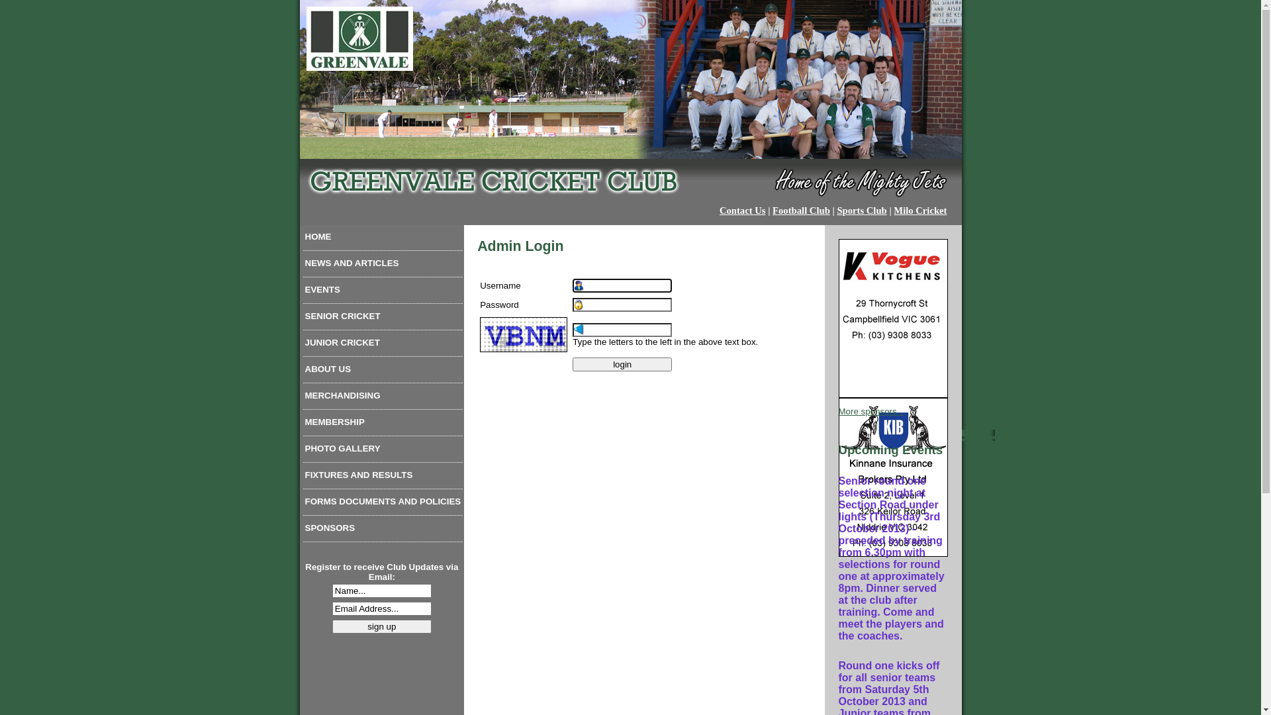 The image size is (1271, 715). I want to click on 'HOME', so click(383, 240).